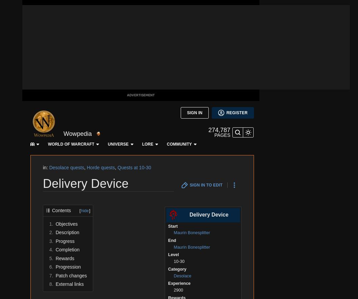  Describe the element at coordinates (43, 49) in the screenshot. I see `'10/29/2023'` at that location.